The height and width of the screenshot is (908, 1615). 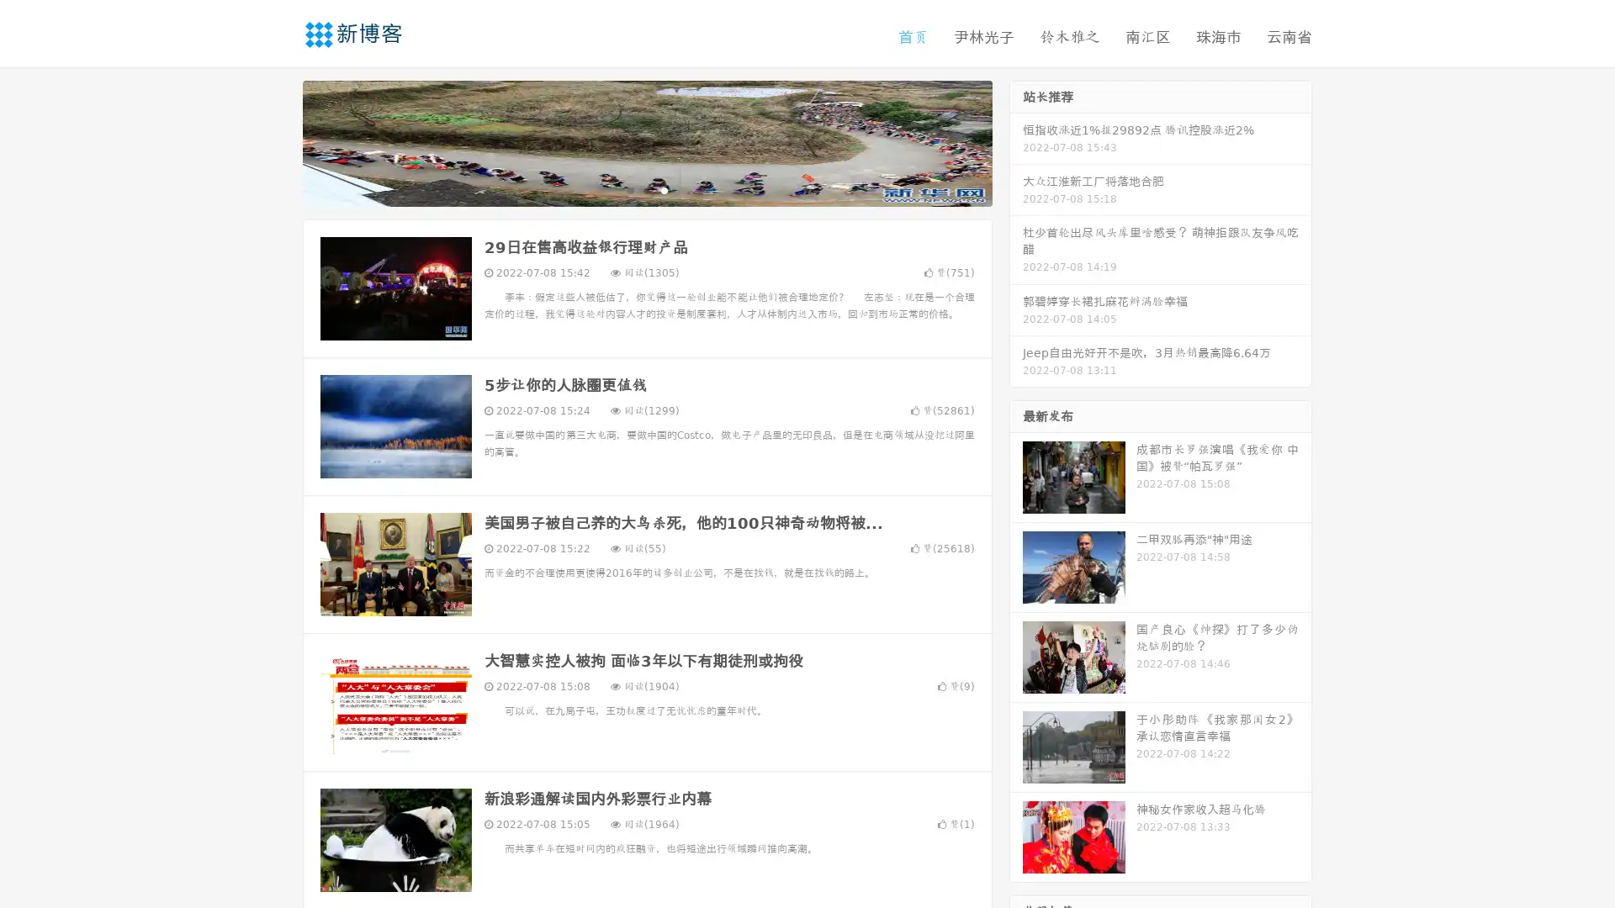 What do you see at coordinates (629, 189) in the screenshot?
I see `Go to slide 1` at bounding box center [629, 189].